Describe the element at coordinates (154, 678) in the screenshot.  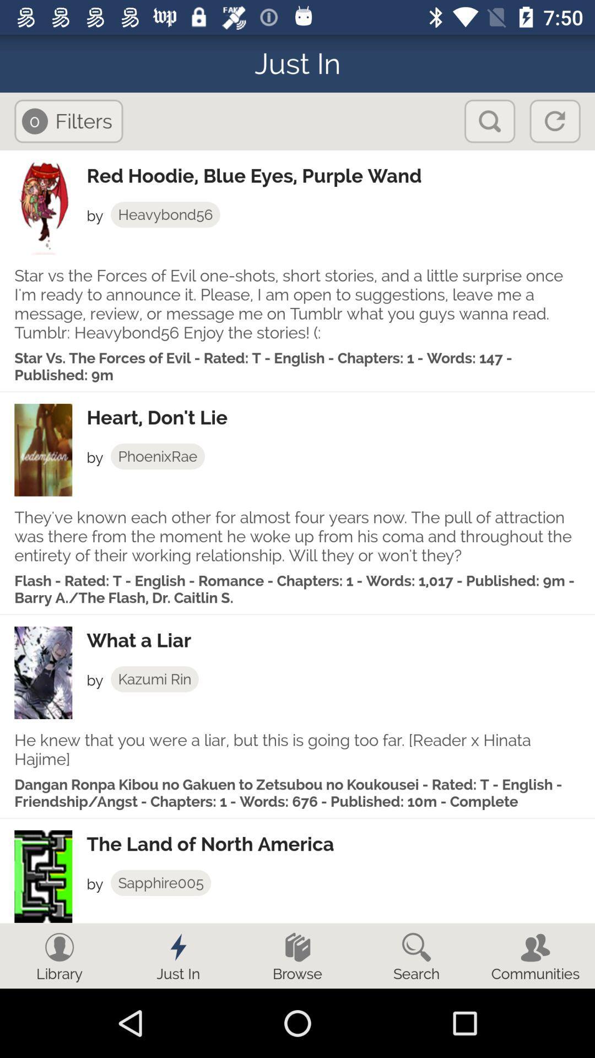
I see `app below what a liar icon` at that location.